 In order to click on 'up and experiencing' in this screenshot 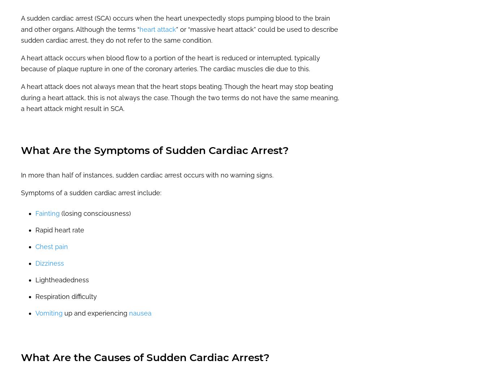, I will do `click(96, 313)`.